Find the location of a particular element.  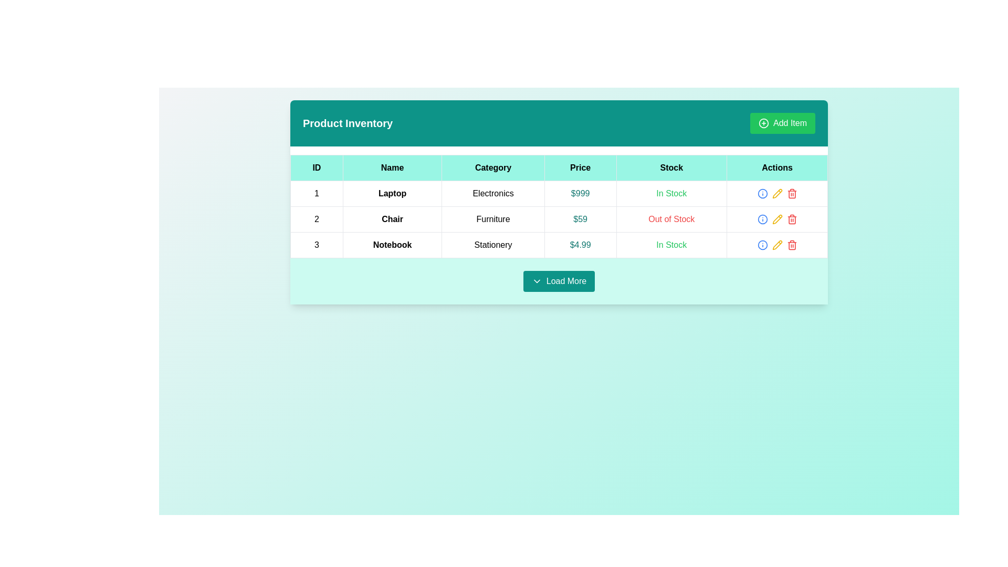

the second row of the 'Product Inventory' table, which provides options for managing product details such as editing or deleting is located at coordinates (559, 218).